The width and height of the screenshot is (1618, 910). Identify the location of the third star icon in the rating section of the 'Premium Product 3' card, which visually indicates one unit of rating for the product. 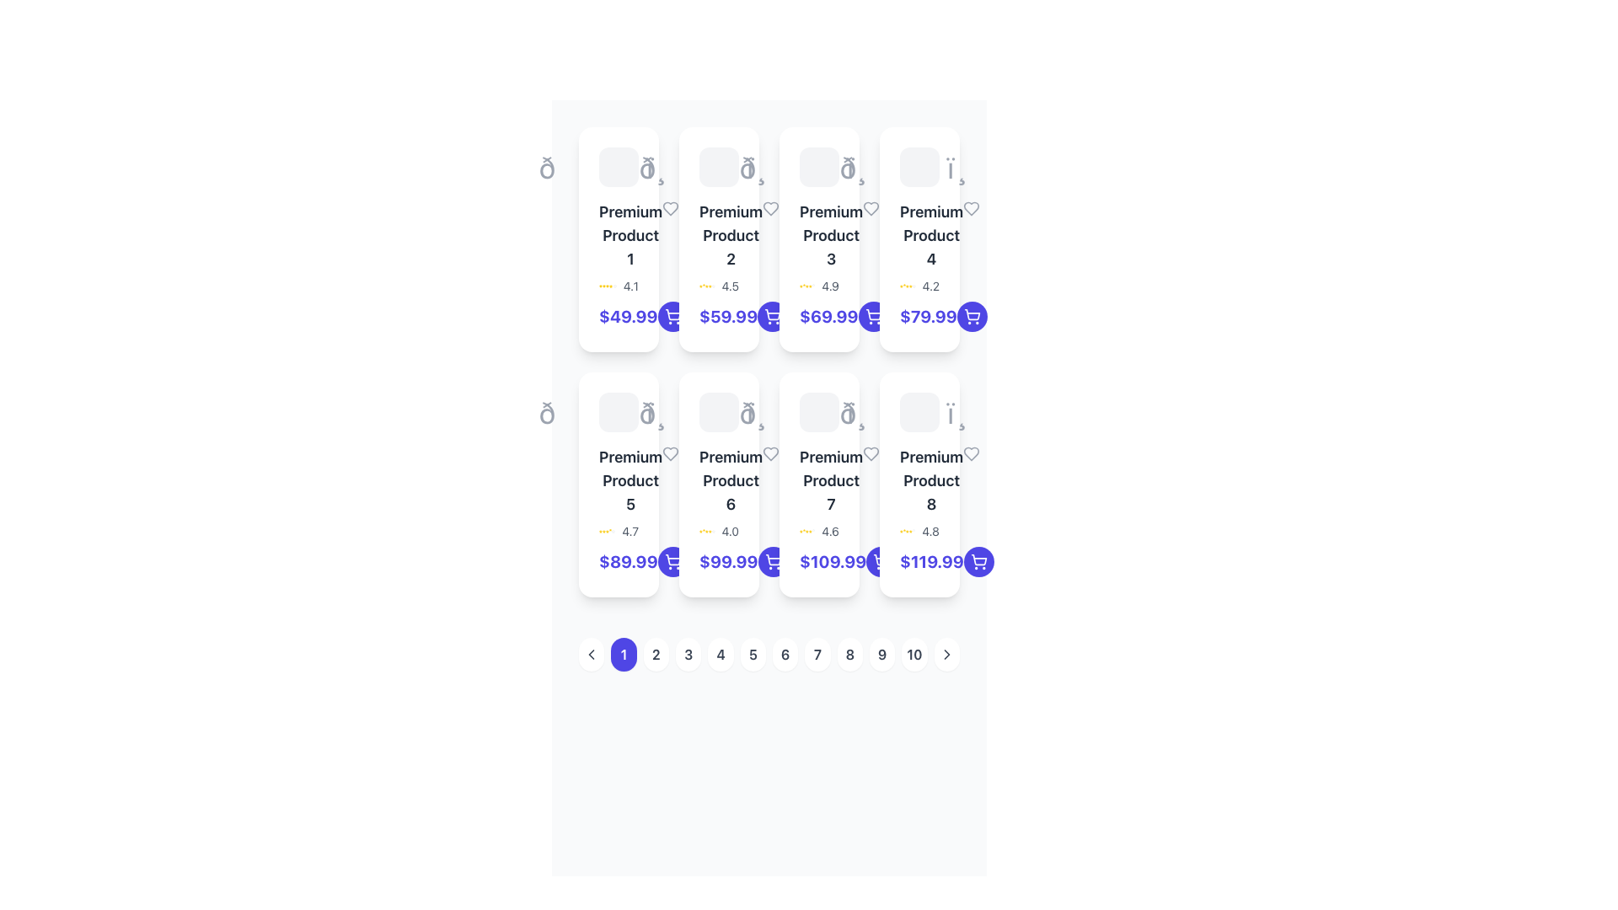
(810, 285).